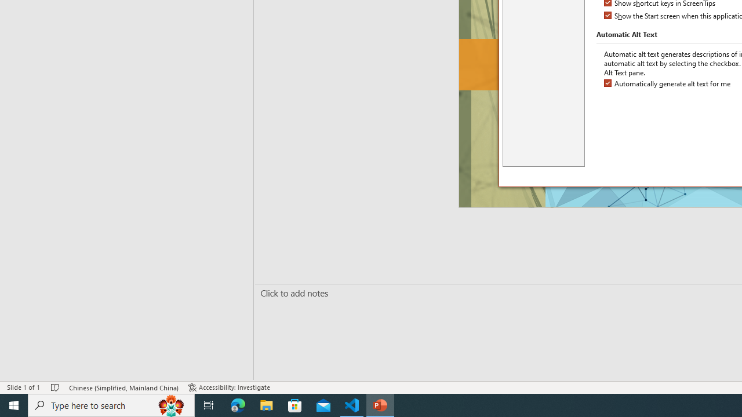 This screenshot has width=742, height=417. What do you see at coordinates (668, 83) in the screenshot?
I see `'Automatically generate alt text for me'` at bounding box center [668, 83].